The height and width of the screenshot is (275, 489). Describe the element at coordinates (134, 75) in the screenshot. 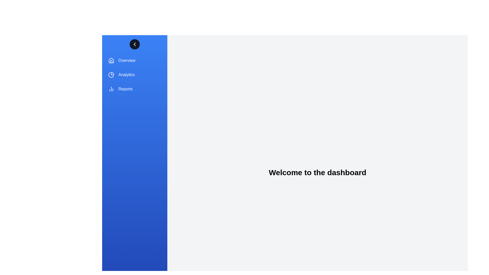

I see `the menu item labeled Analytics` at that location.